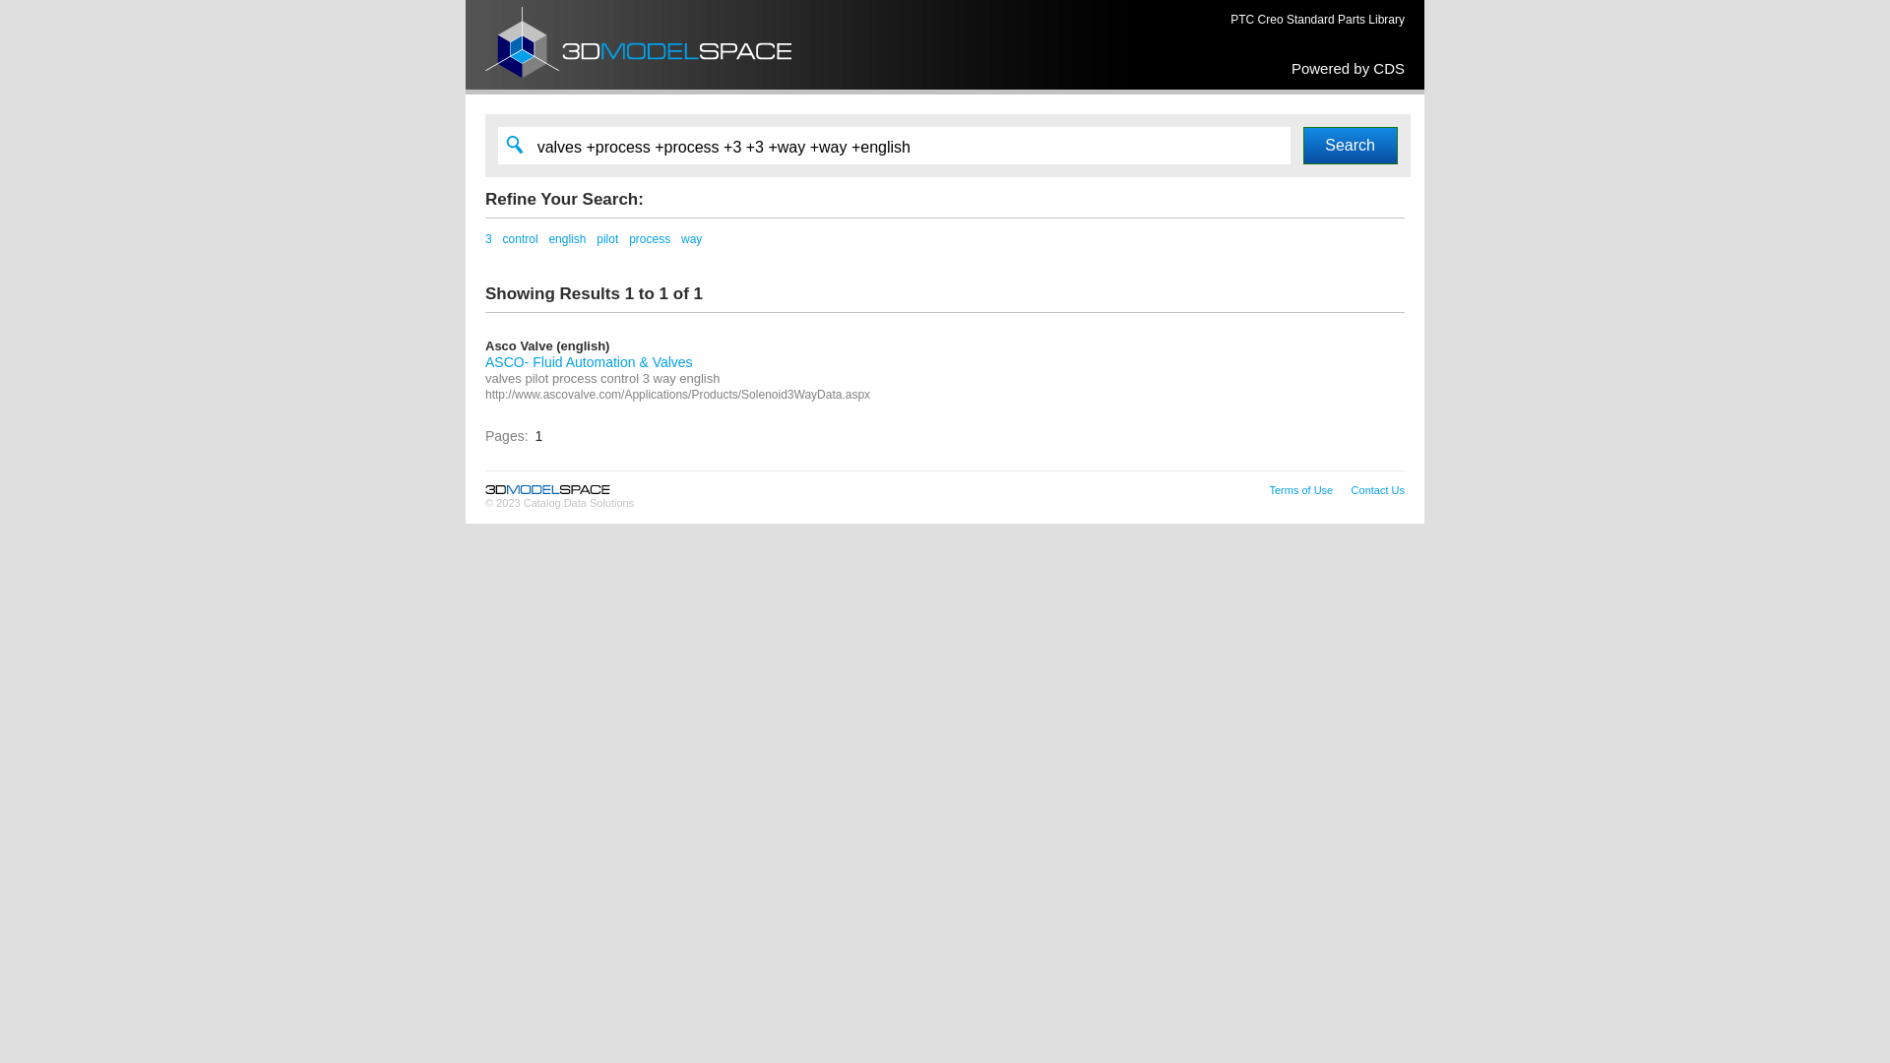 The height and width of the screenshot is (1063, 1890). I want to click on 'english', so click(566, 238).